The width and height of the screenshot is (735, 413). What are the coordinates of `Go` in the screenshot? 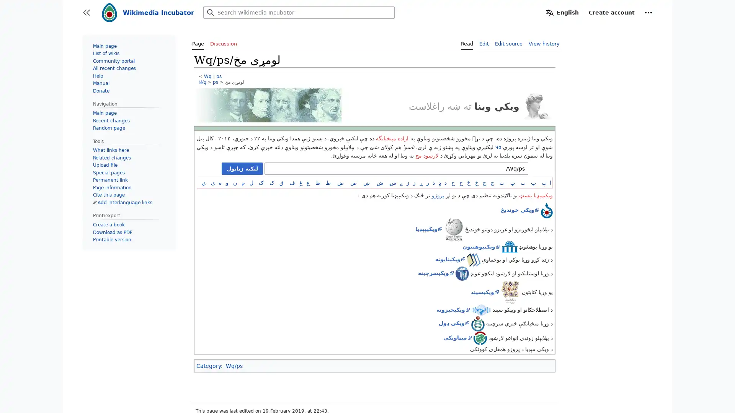 It's located at (211, 13).